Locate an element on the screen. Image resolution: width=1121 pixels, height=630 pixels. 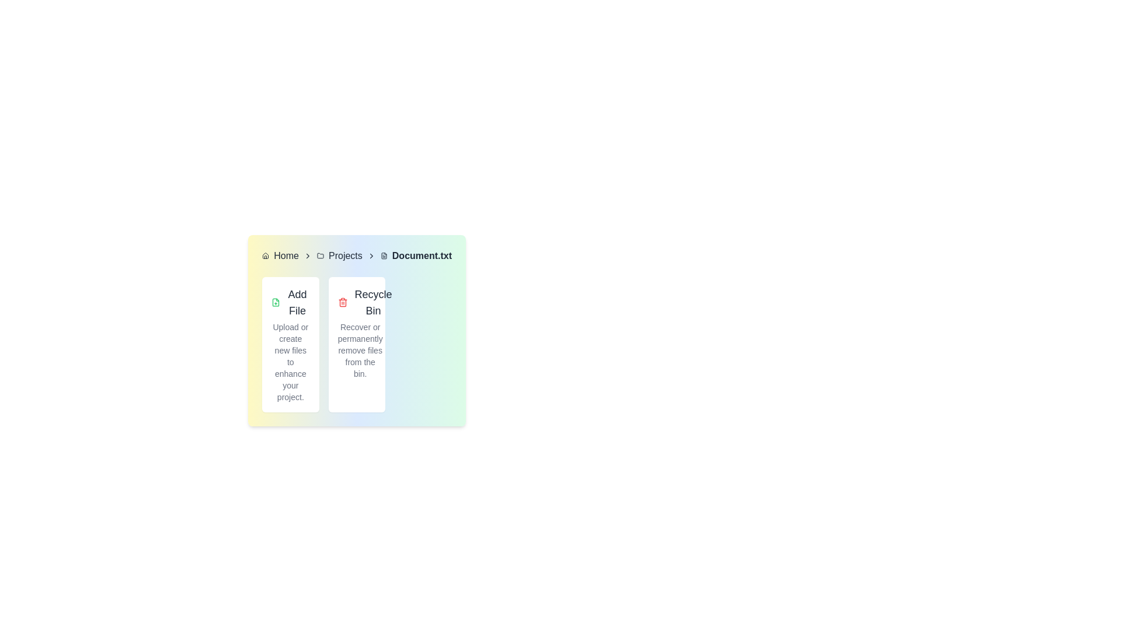
the 'Projects' hyperlink in the breadcrumb navigation bar is located at coordinates (344, 256).